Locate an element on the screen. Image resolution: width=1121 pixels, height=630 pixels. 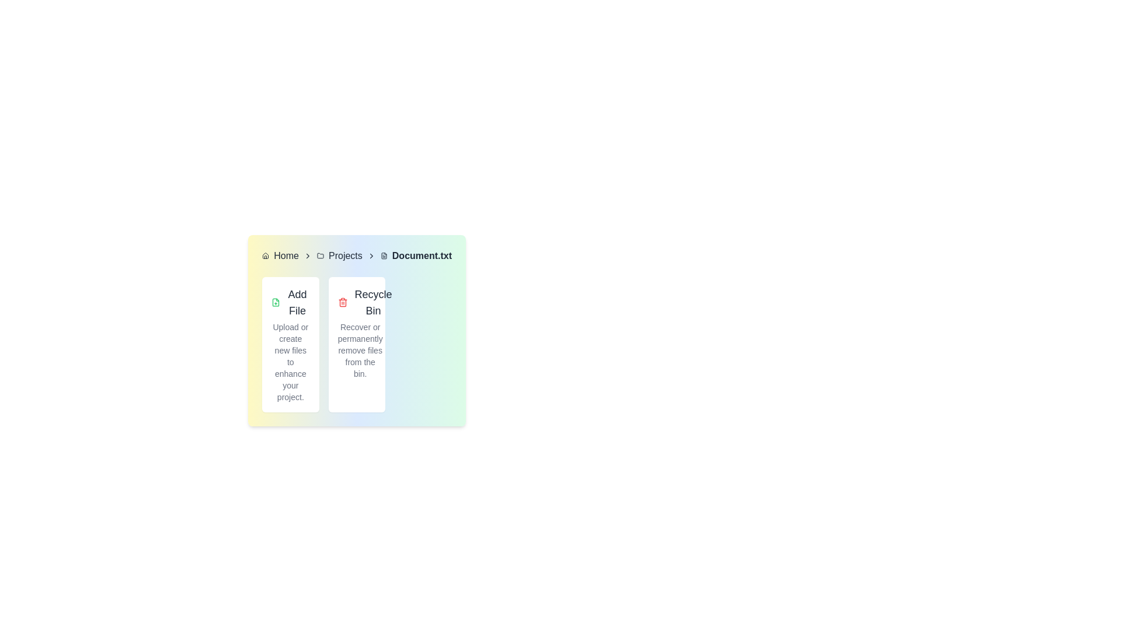
the 'Projects' hyperlink in the breadcrumb navigation bar is located at coordinates (344, 256).